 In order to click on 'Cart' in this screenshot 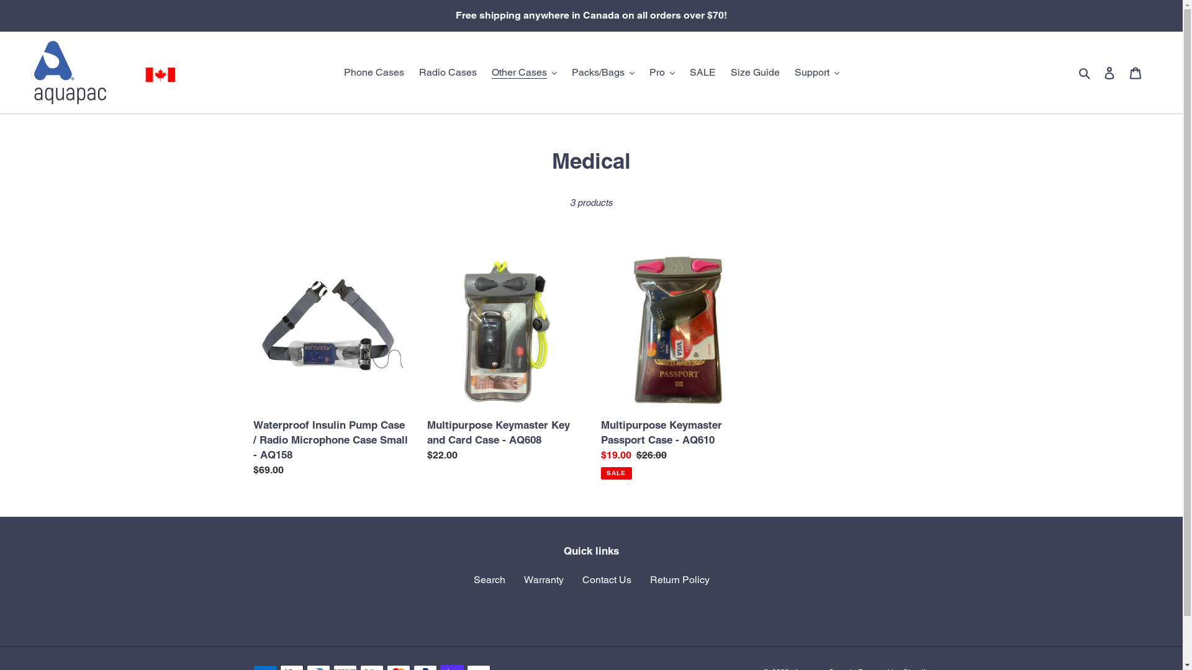, I will do `click(1135, 72)`.